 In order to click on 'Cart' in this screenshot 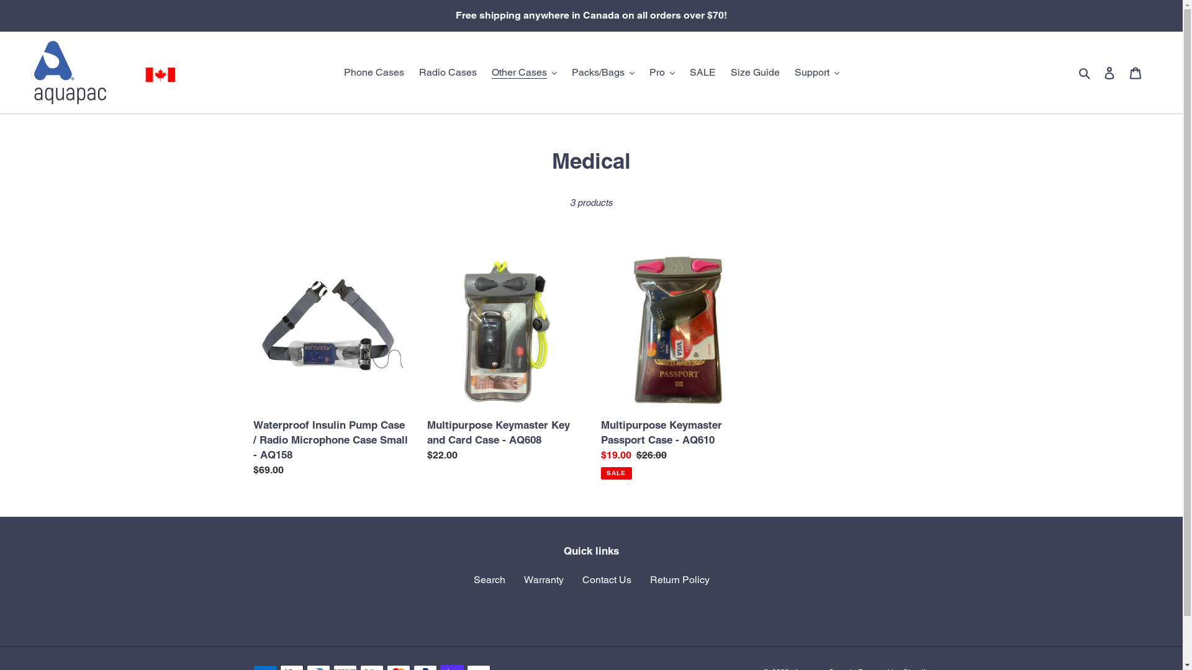, I will do `click(1135, 72)`.